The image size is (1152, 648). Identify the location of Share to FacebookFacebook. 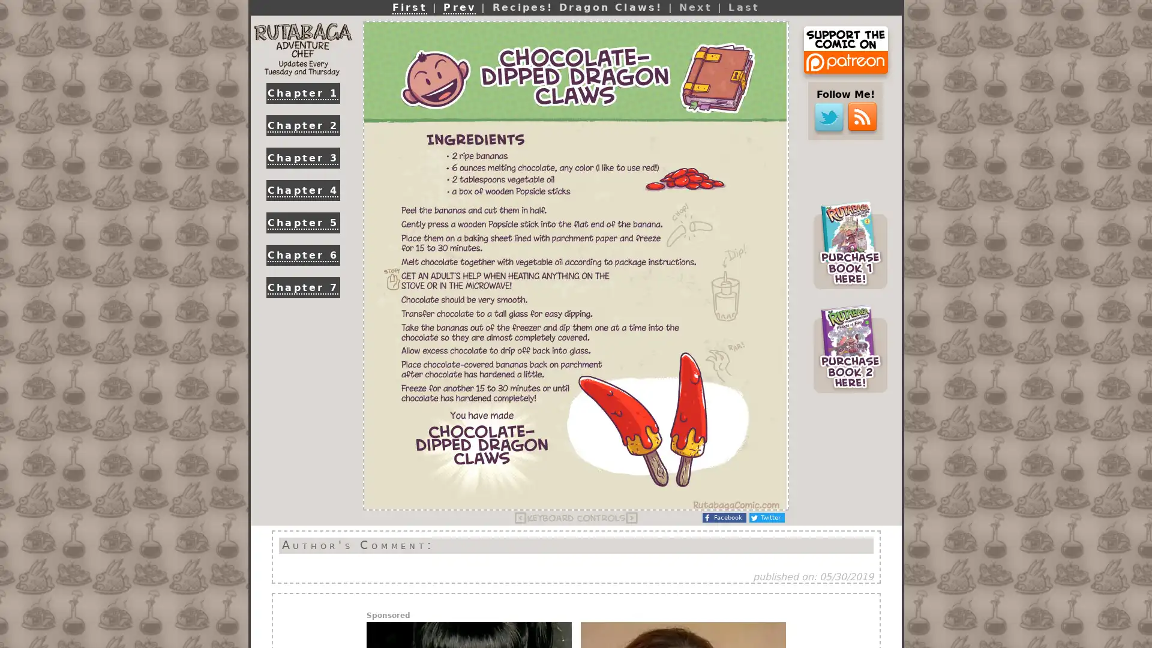
(724, 517).